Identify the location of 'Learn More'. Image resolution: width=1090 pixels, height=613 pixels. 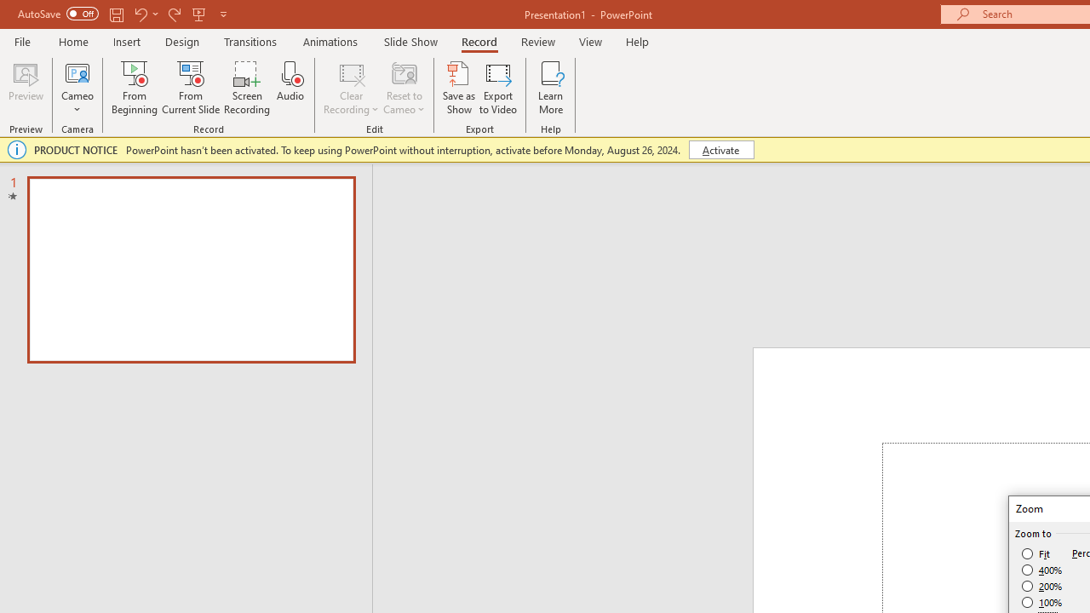
(551, 88).